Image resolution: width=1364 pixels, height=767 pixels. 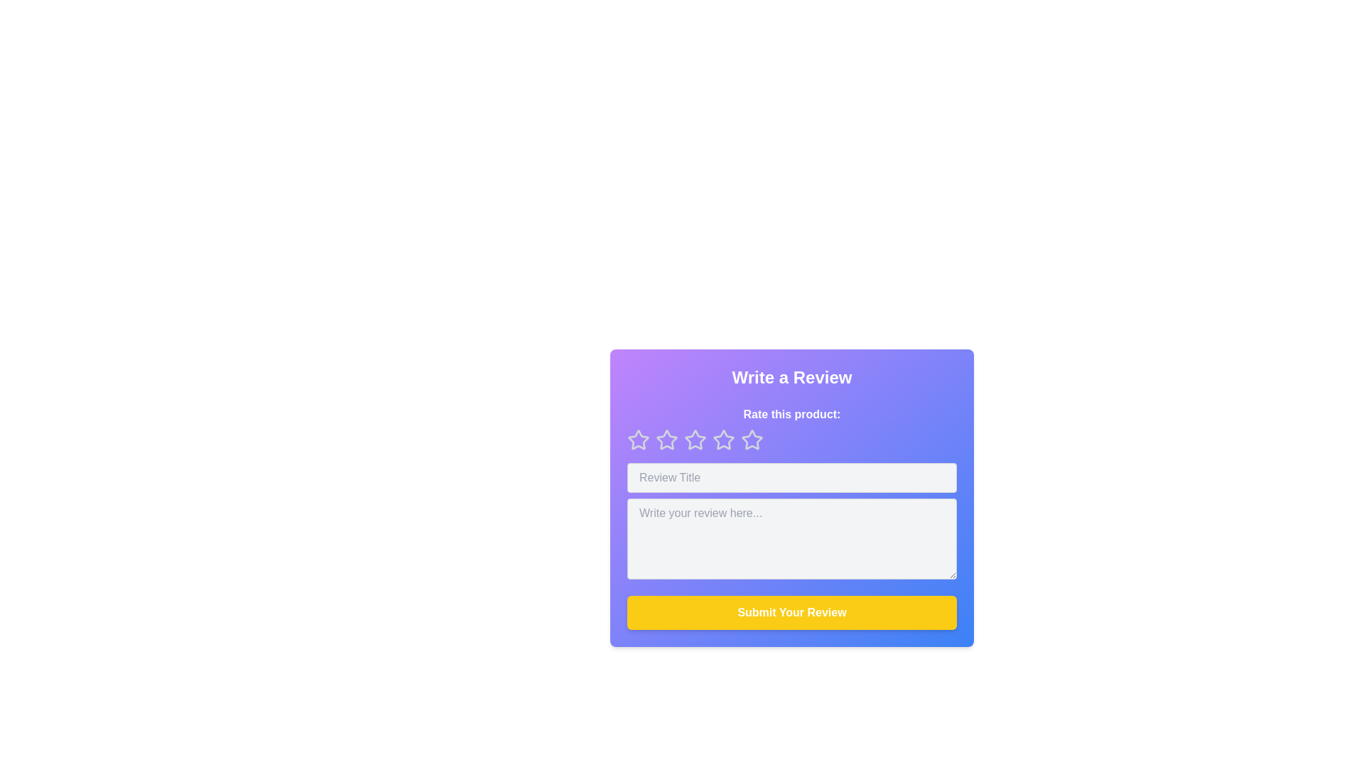 What do you see at coordinates (791, 414) in the screenshot?
I see `the label displaying 'Rate this product:' which is centrally placed in a purple gradient background, above the star icons in the review form` at bounding box center [791, 414].